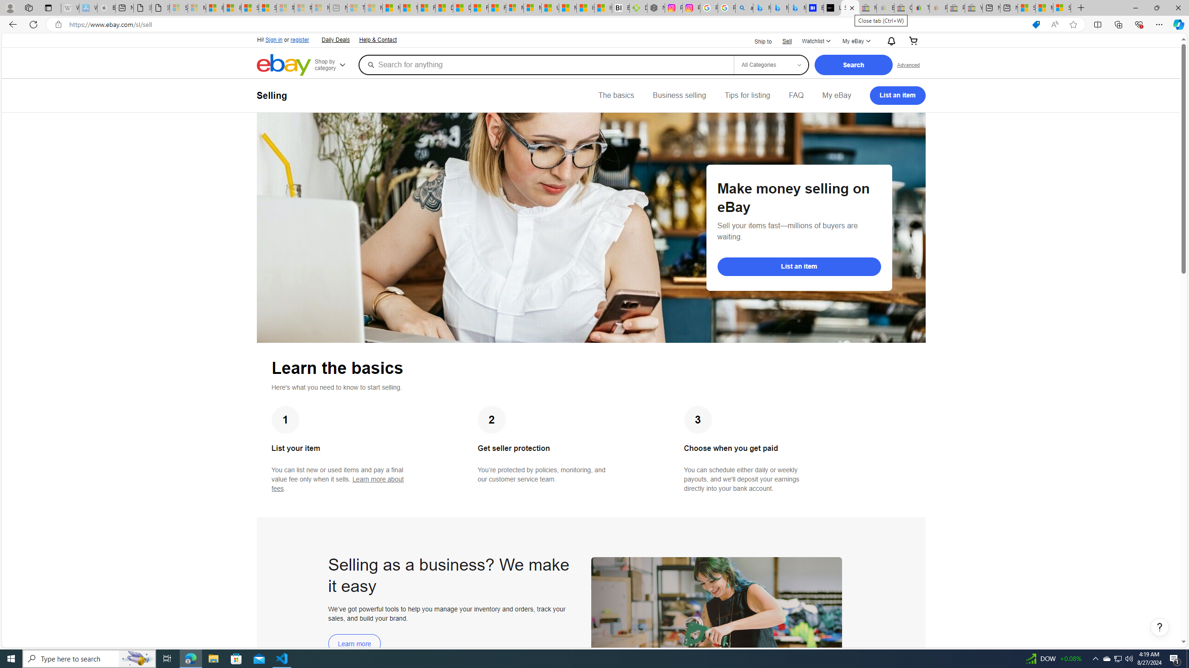 This screenshot has height=668, width=1189. I want to click on 'Help & Contact', so click(378, 40).